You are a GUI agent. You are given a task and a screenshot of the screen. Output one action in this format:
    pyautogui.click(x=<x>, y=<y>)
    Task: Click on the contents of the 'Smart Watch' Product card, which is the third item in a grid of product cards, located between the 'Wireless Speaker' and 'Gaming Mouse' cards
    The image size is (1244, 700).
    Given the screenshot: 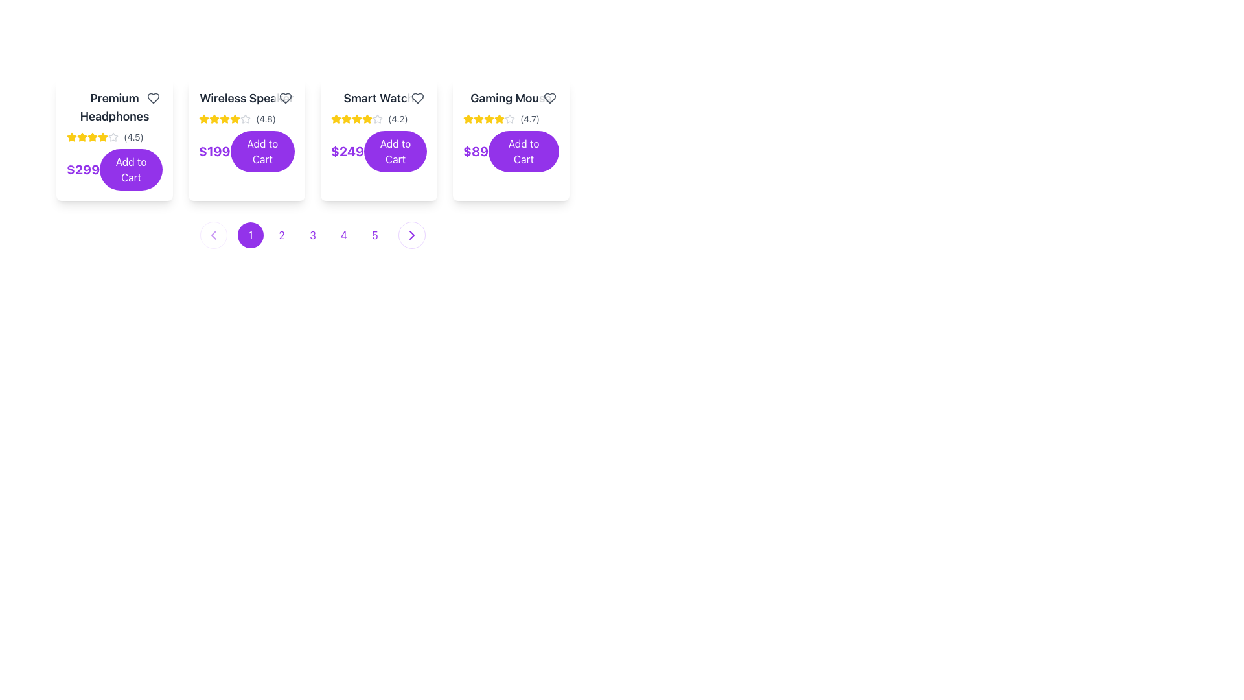 What is the action you would take?
    pyautogui.click(x=378, y=140)
    